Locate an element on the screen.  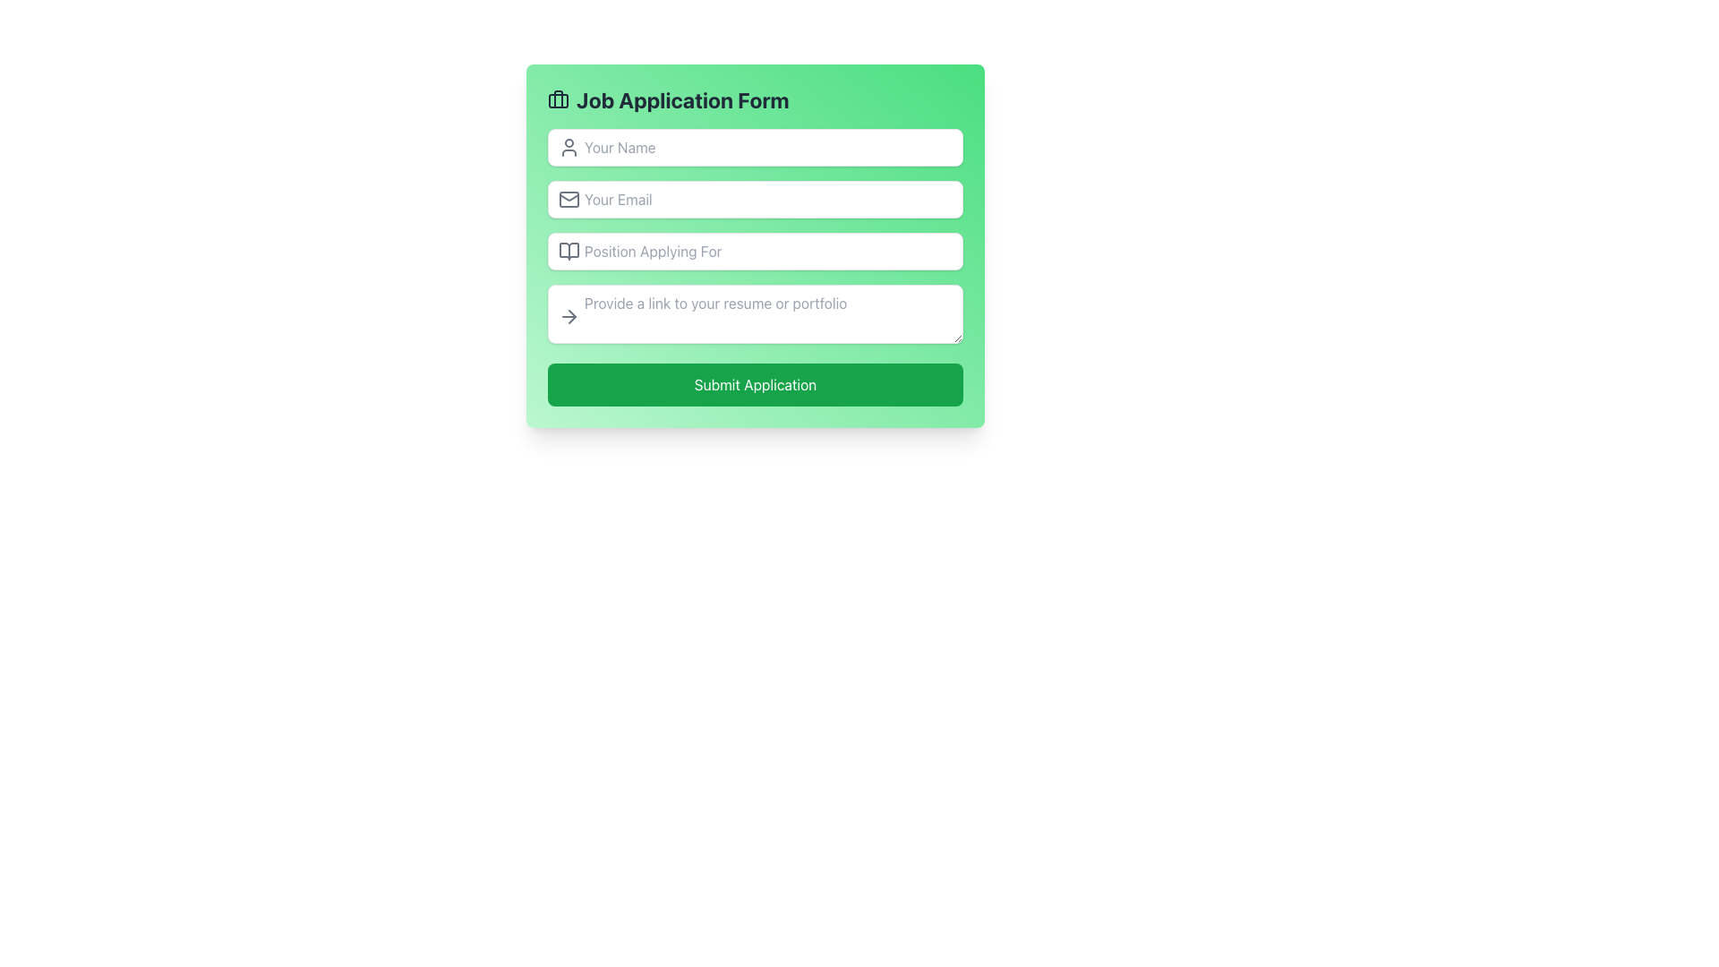
the icon located to the left of the input field in the 'Job Application Form', which serves as a visual indicator for providing a resume or portfolio link is located at coordinates (568, 316).